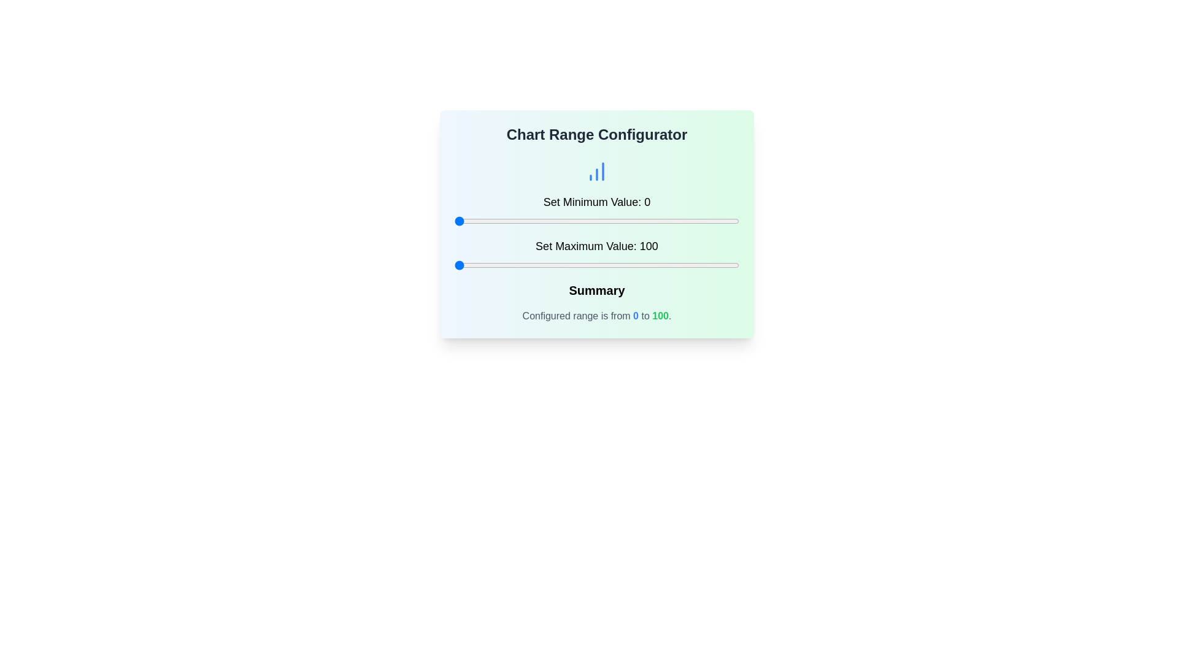 The height and width of the screenshot is (662, 1178). What do you see at coordinates (597, 172) in the screenshot?
I see `the chart icon to explore its functionality` at bounding box center [597, 172].